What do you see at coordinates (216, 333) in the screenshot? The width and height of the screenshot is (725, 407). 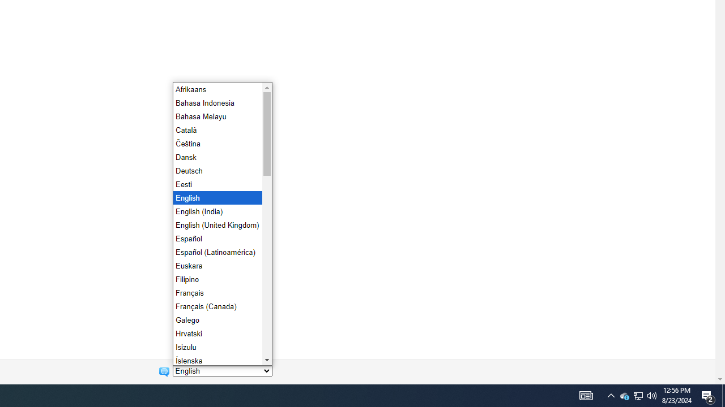 I see `'Hrvatski'` at bounding box center [216, 333].